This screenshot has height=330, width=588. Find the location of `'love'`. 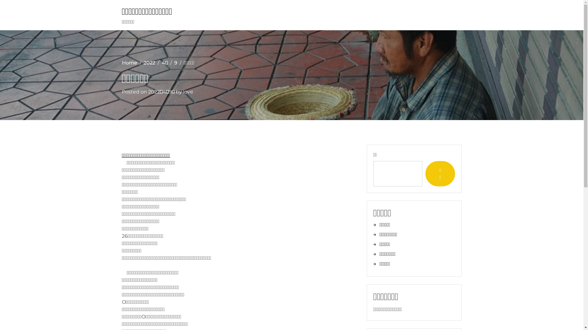

'love' is located at coordinates (188, 92).